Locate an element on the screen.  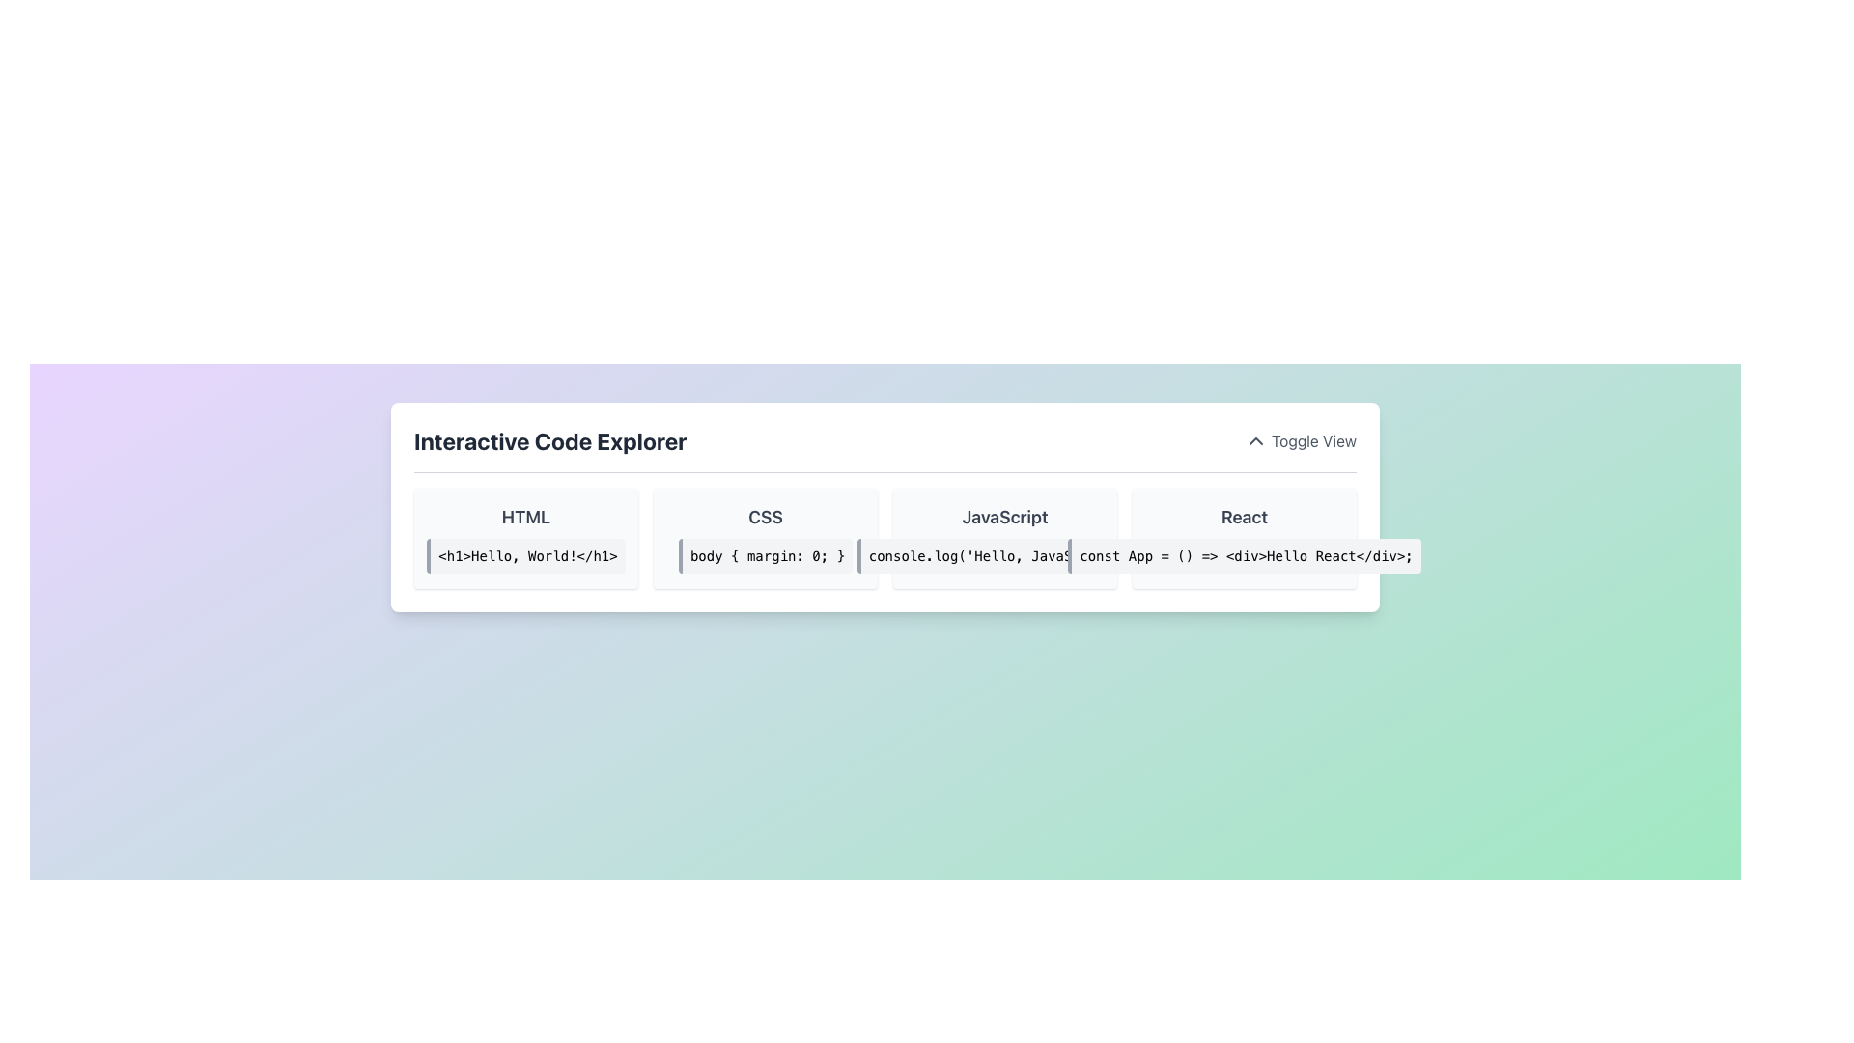
the text label or heading that serves as a title for the associated code snippet in the JavaScript section of the interface, located in the upper section of a card grouping text and code snippets is located at coordinates (1245, 517).